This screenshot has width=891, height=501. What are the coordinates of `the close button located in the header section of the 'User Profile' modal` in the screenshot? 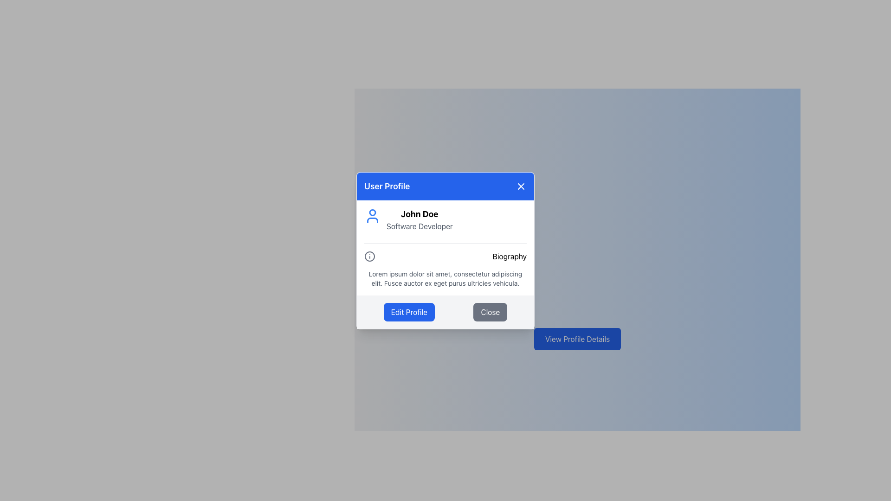 It's located at (521, 186).